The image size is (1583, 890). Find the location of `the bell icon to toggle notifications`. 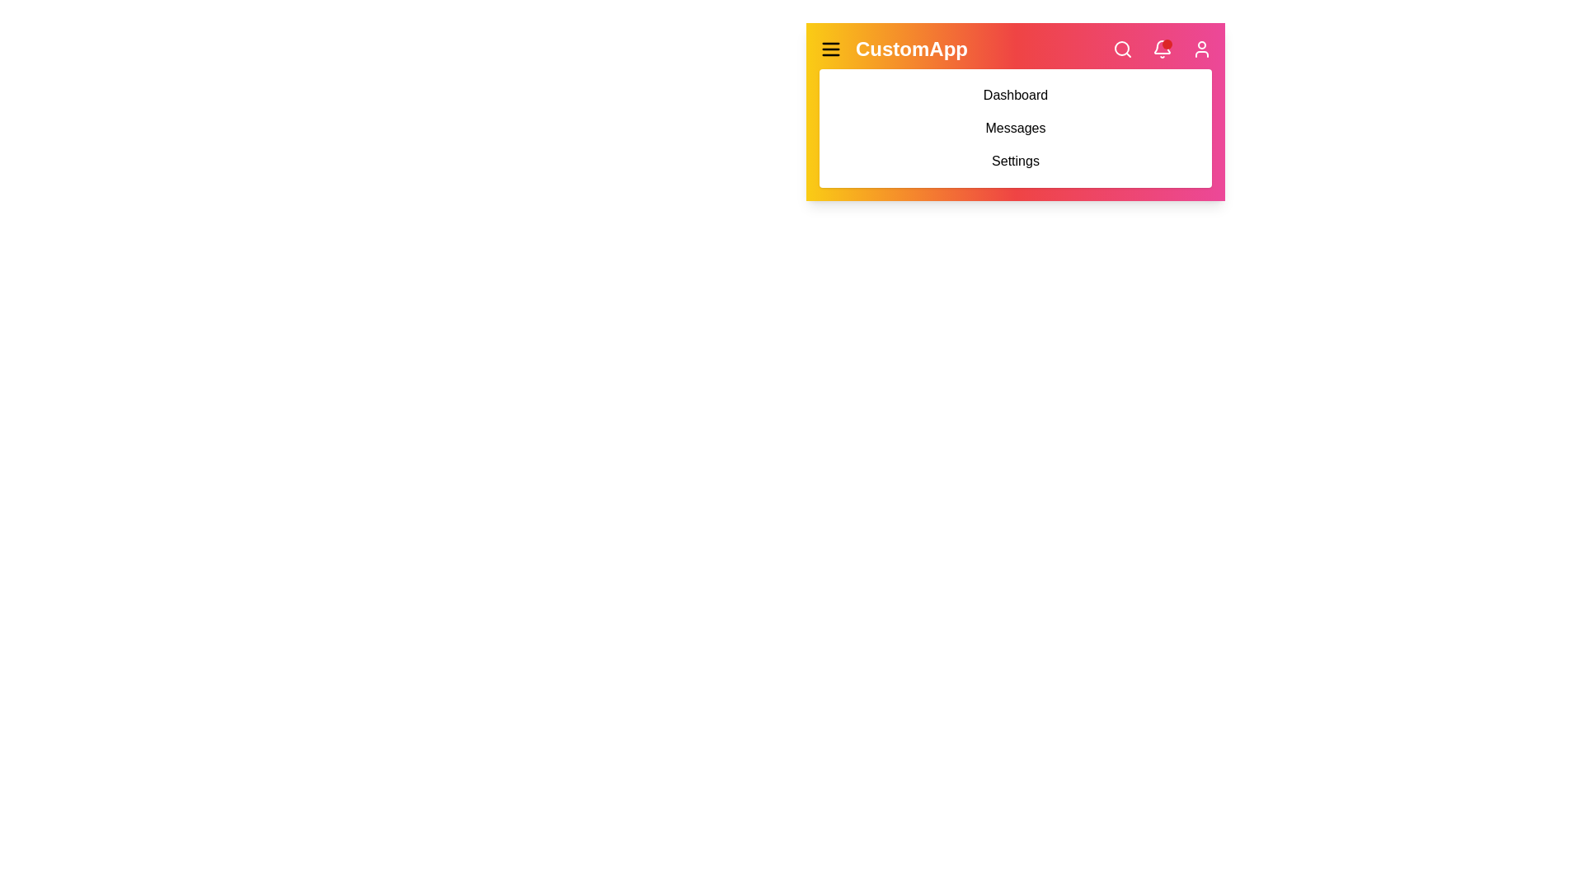

the bell icon to toggle notifications is located at coordinates (1162, 49).